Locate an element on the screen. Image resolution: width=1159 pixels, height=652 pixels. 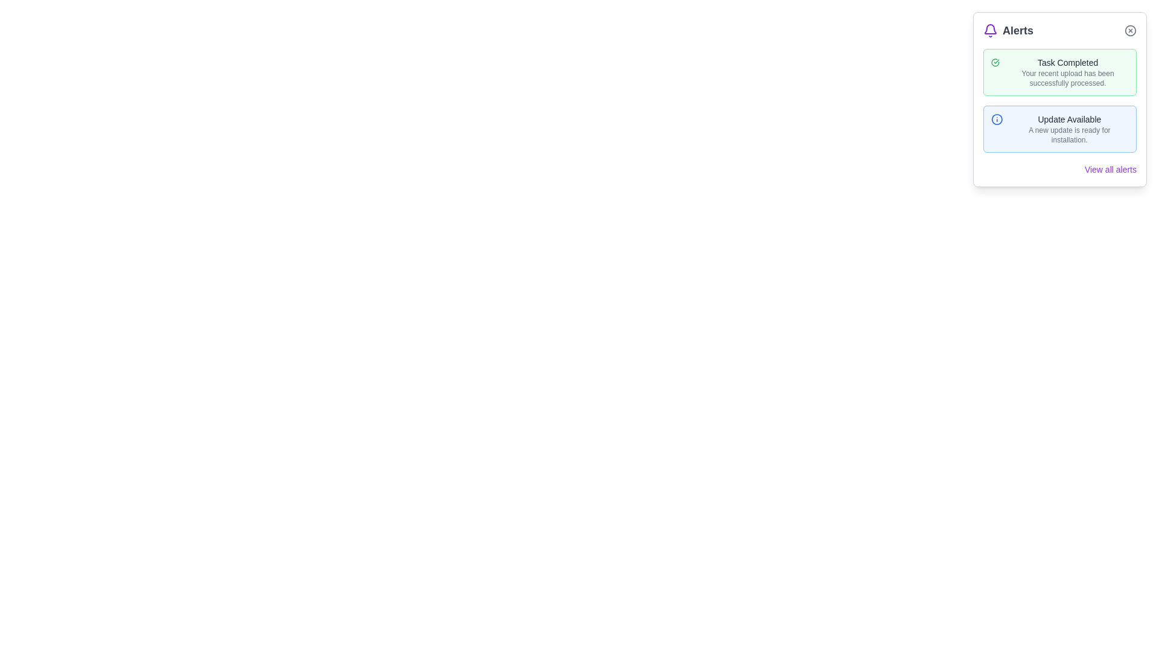
the circular red button with a gray border located at the top-right corner of the 'Alerts' card to view additional options is located at coordinates (1129, 30).